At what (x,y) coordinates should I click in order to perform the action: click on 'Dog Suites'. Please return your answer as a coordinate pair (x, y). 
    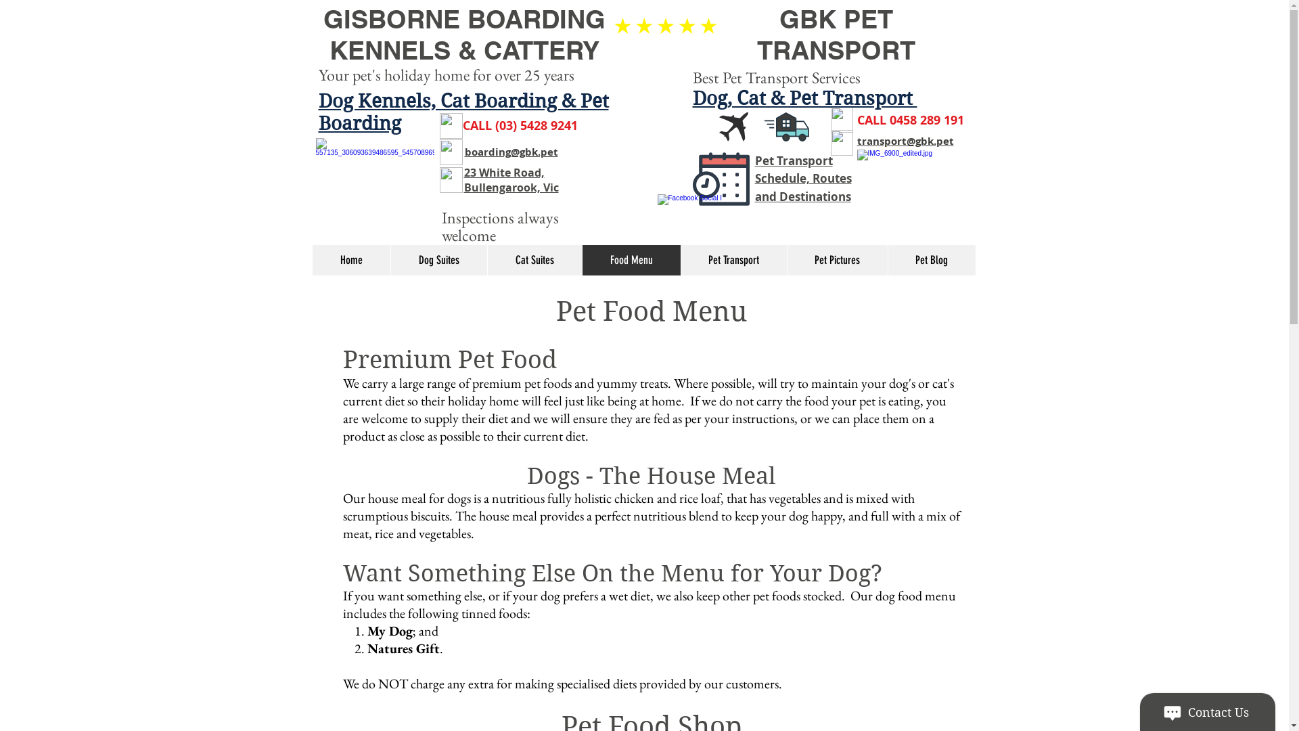
    Looking at the image, I should click on (438, 260).